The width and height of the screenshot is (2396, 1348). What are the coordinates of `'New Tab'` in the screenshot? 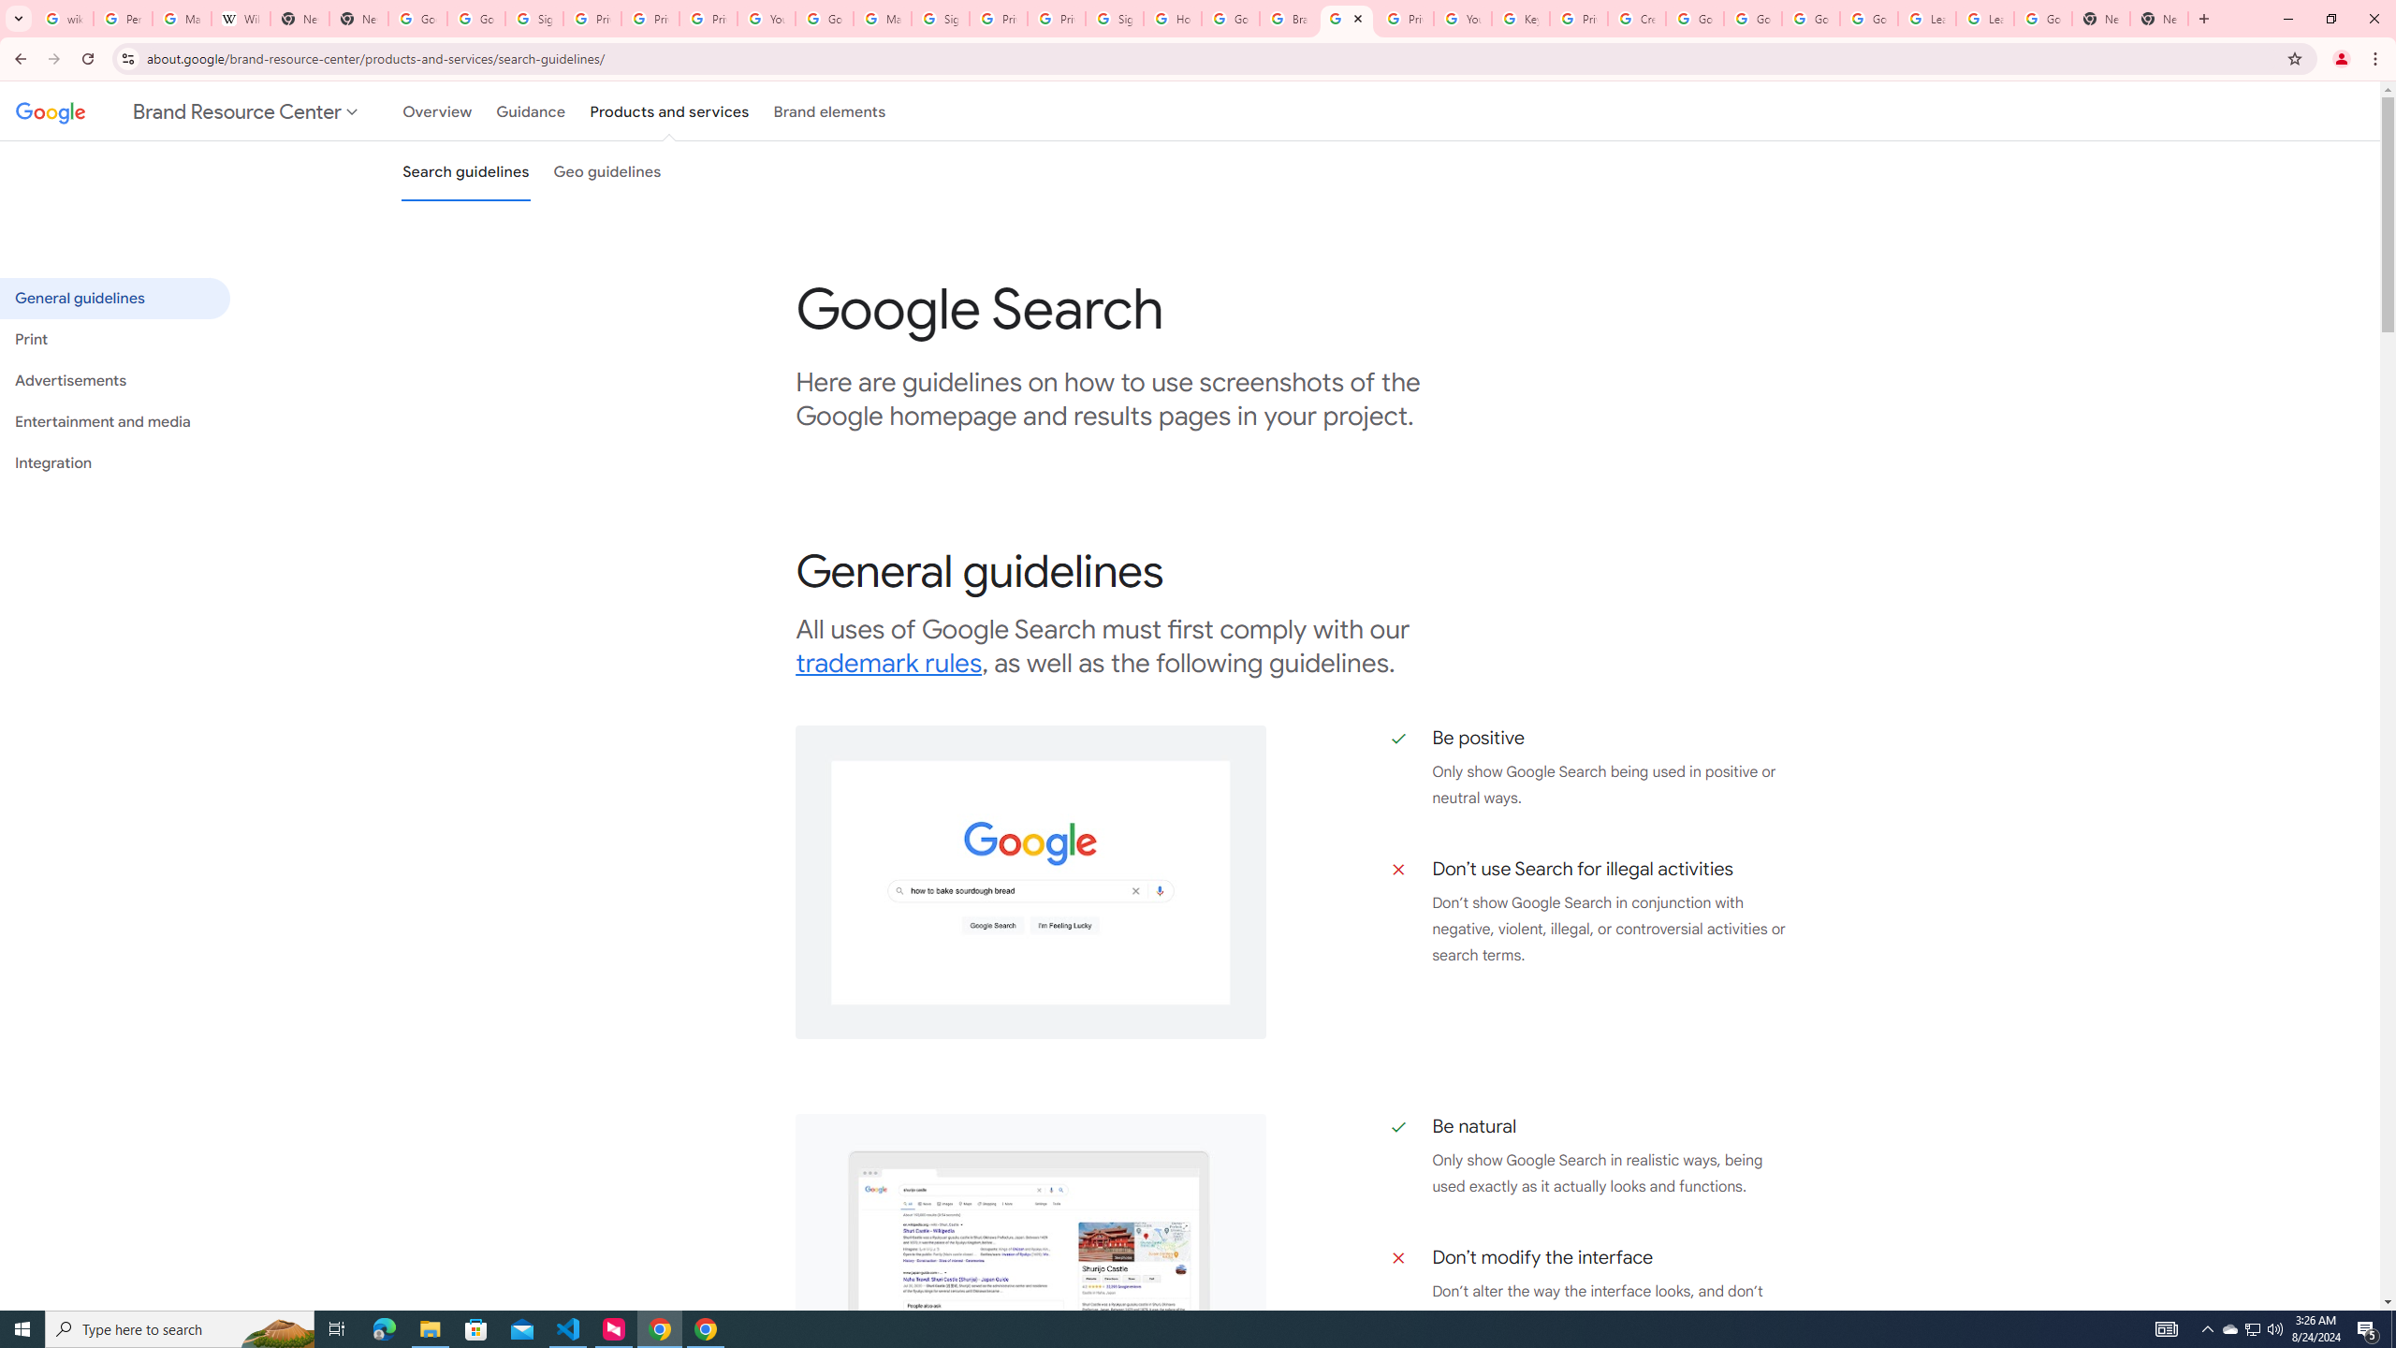 It's located at (2159, 18).